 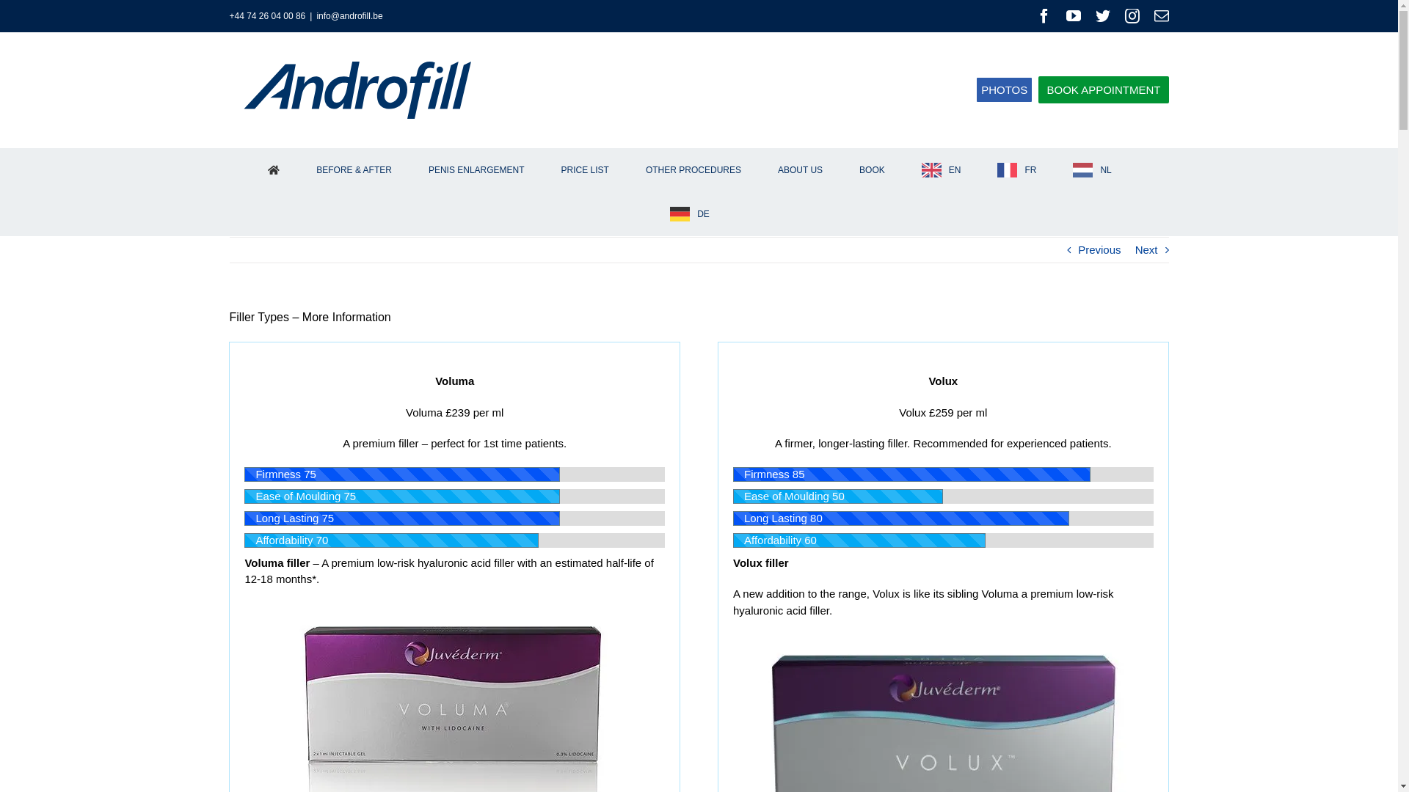 I want to click on 'PHOTOS', so click(x=1003, y=89).